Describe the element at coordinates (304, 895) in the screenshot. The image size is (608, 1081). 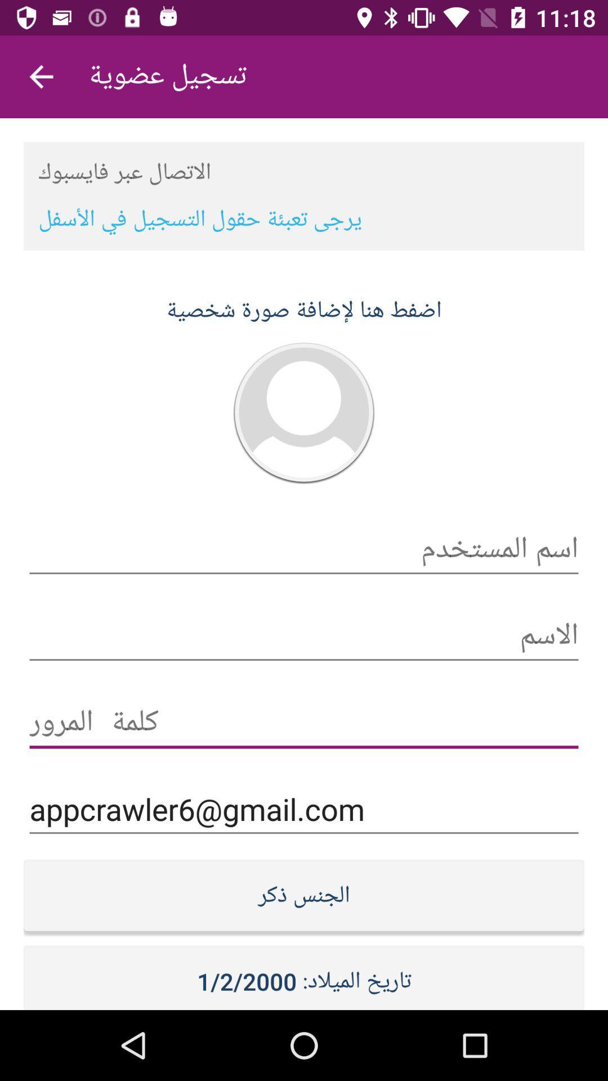
I see `the item below appcrawler6@gmail.com item` at that location.